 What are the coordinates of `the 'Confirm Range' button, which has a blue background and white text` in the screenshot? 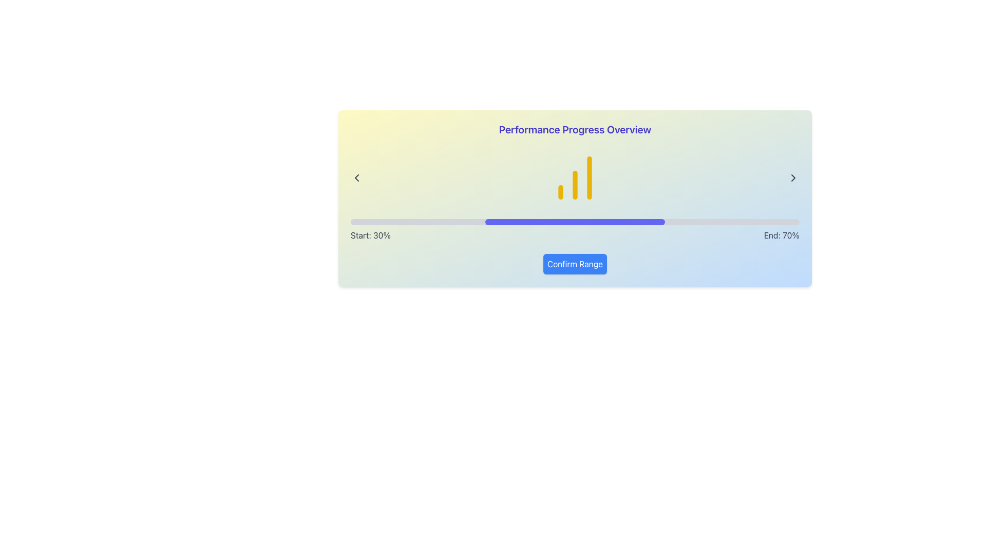 It's located at (574, 264).